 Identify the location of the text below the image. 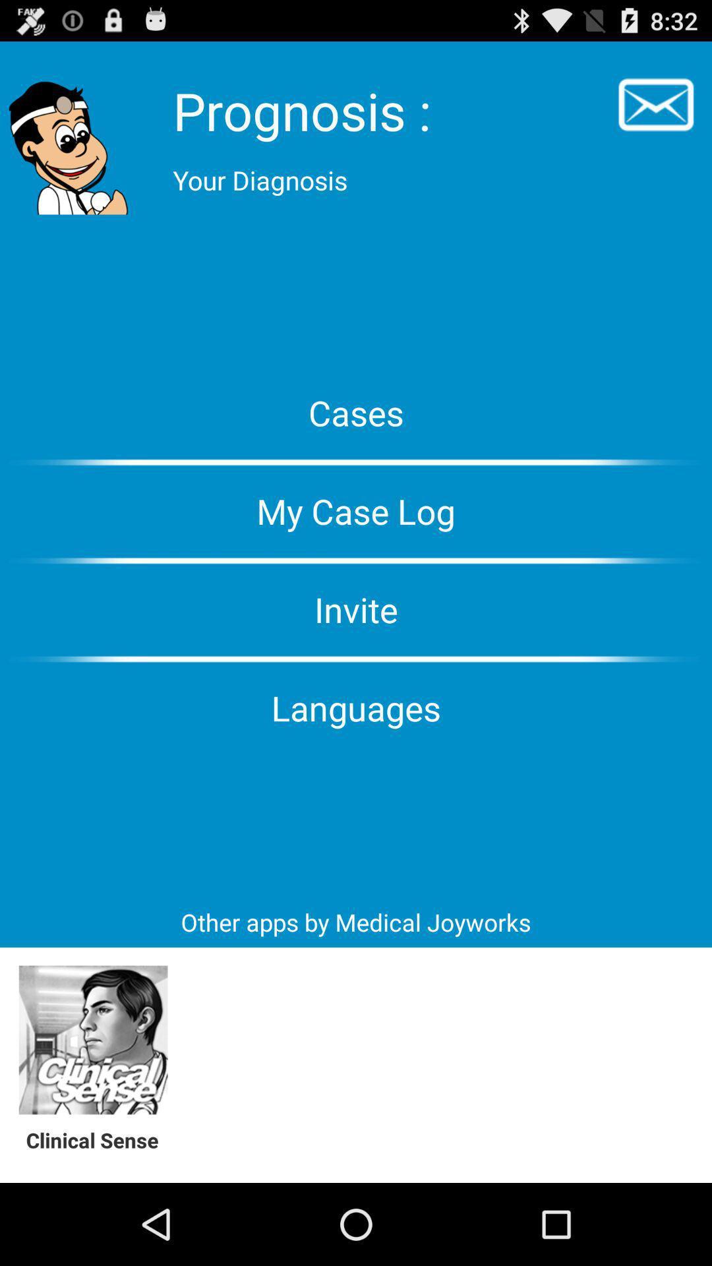
(99, 1139).